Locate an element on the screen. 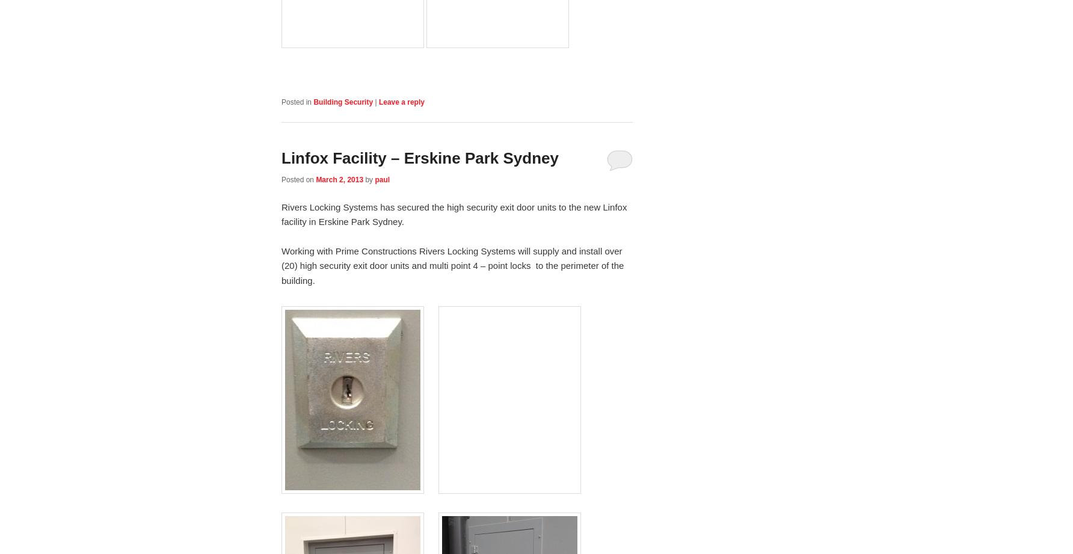 The width and height of the screenshot is (1073, 554). 'Leave a reply' is located at coordinates (378, 101).